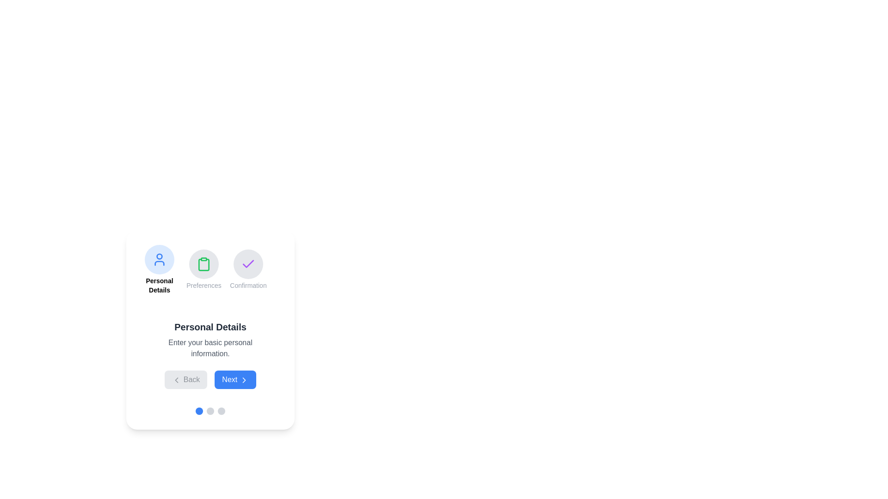 The height and width of the screenshot is (499, 888). What do you see at coordinates (203, 269) in the screenshot?
I see `the 'Preferences' Icon` at bounding box center [203, 269].